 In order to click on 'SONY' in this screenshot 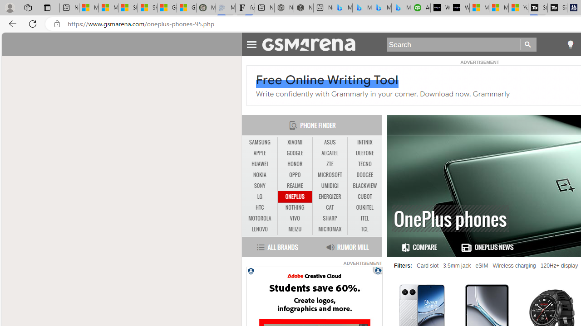, I will do `click(259, 186)`.